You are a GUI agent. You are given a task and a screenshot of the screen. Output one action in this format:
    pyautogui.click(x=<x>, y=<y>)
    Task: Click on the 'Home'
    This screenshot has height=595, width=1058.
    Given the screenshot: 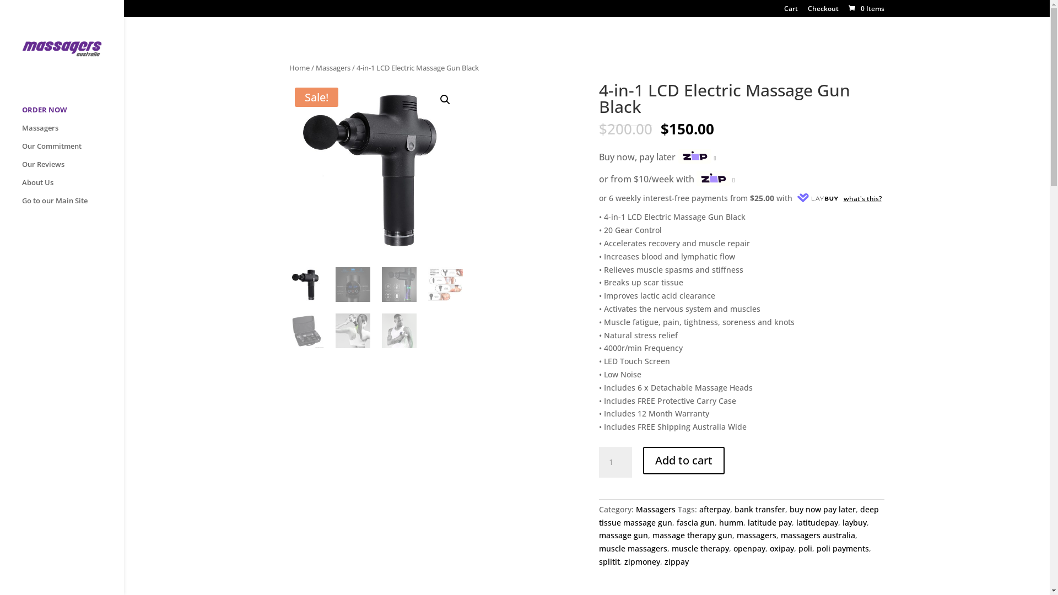 What is the action you would take?
    pyautogui.click(x=299, y=68)
    